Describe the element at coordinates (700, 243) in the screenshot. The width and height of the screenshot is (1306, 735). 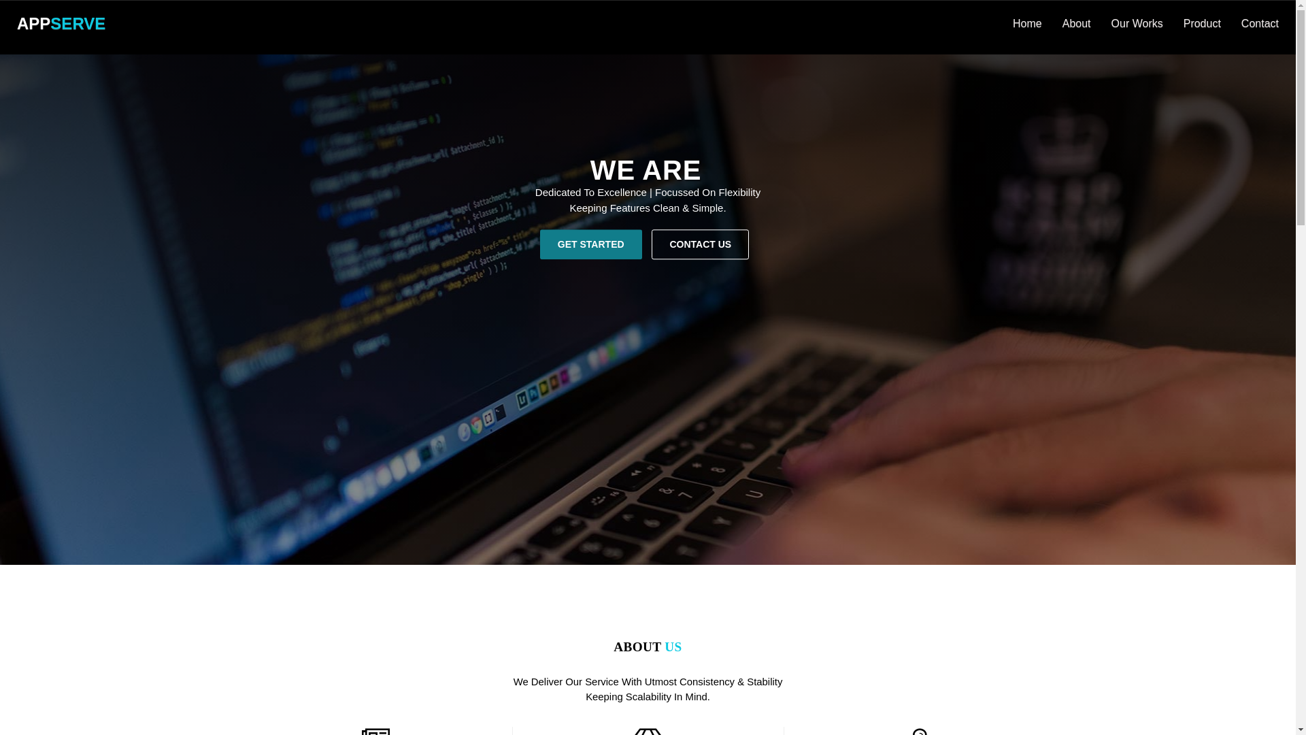
I see `'CONTACT US'` at that location.